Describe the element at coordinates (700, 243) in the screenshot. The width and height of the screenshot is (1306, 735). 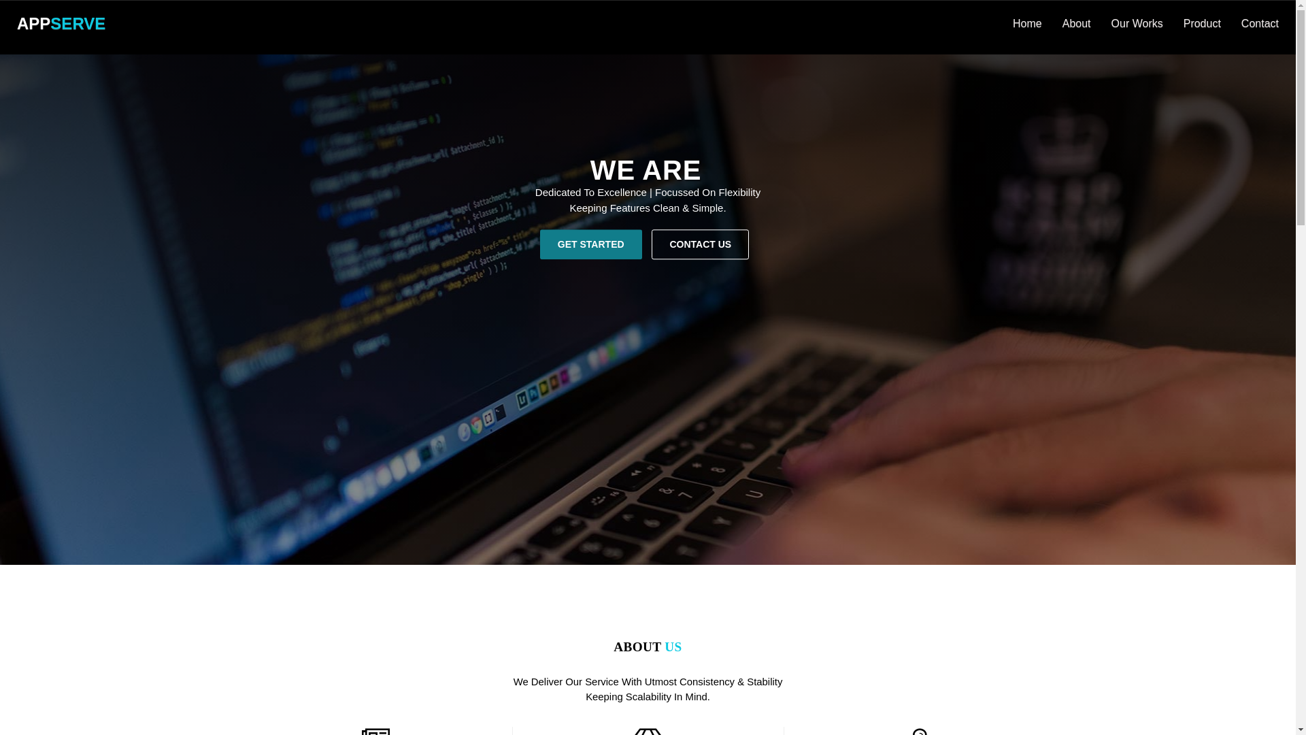
I see `'CONTACT US'` at that location.